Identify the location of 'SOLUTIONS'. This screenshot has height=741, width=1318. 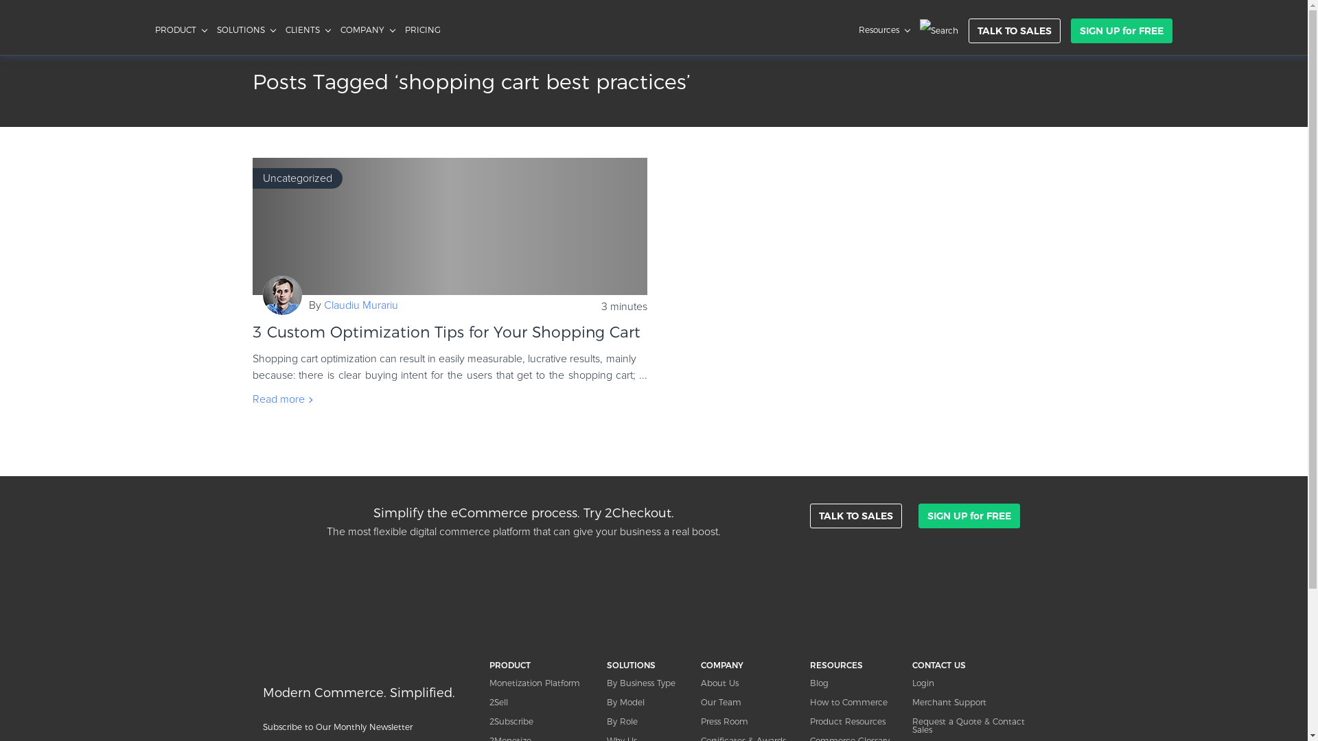
(645, 664).